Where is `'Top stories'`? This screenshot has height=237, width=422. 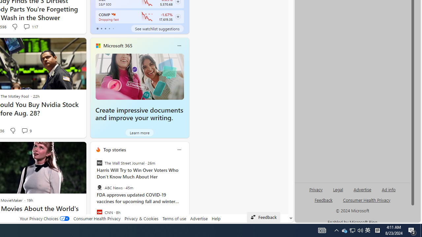 'Top stories' is located at coordinates (115, 149).